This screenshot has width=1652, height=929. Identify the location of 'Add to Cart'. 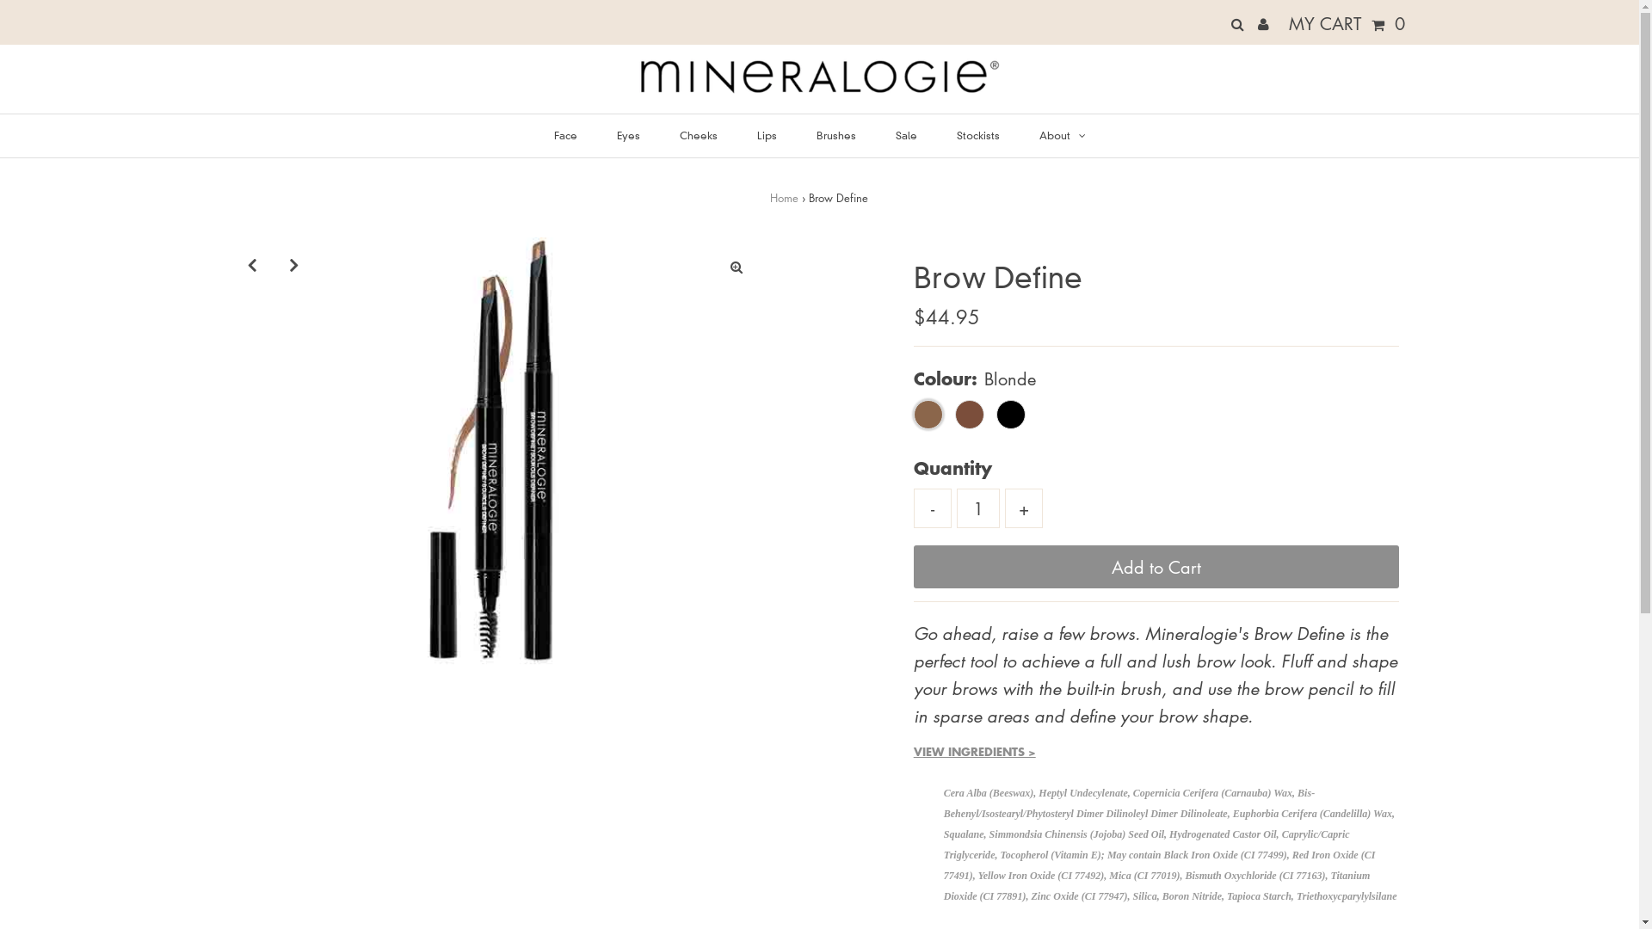
(1156, 567).